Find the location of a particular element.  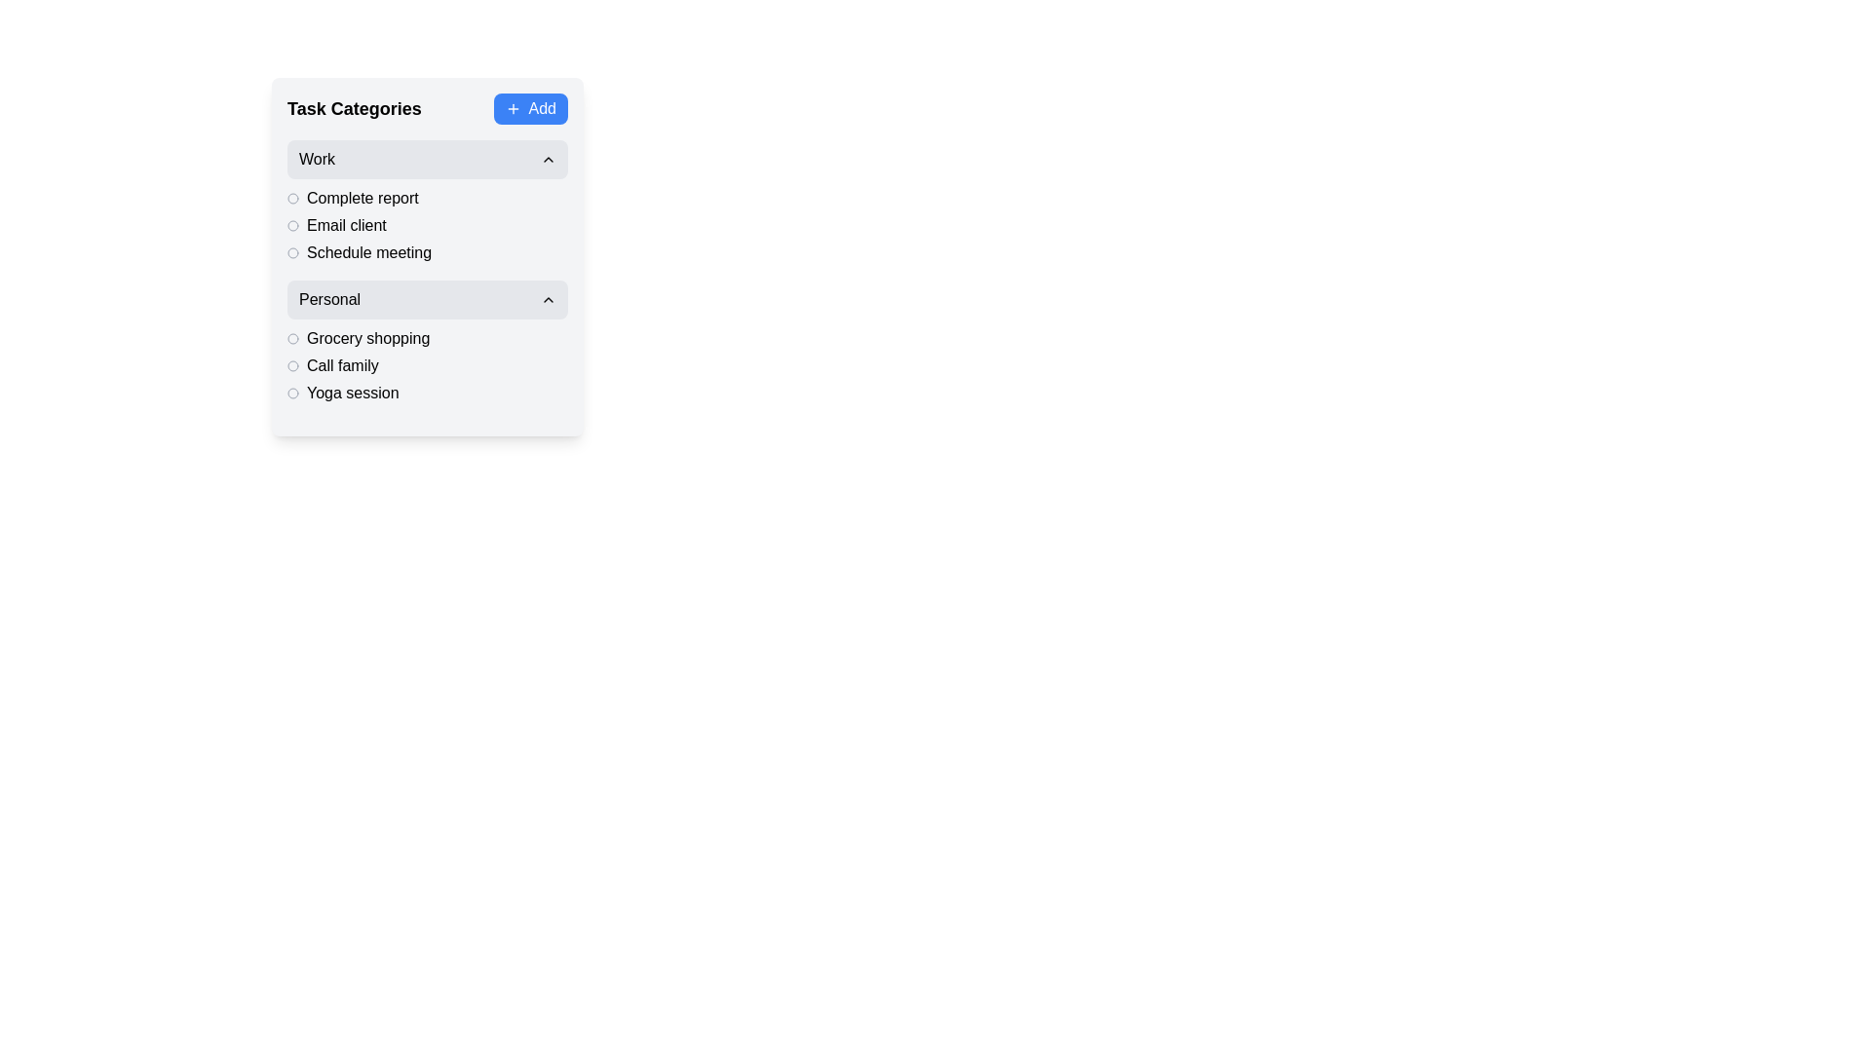

the interactive toggle icon related to the 'Grocery shopping' task is located at coordinates (292, 337).